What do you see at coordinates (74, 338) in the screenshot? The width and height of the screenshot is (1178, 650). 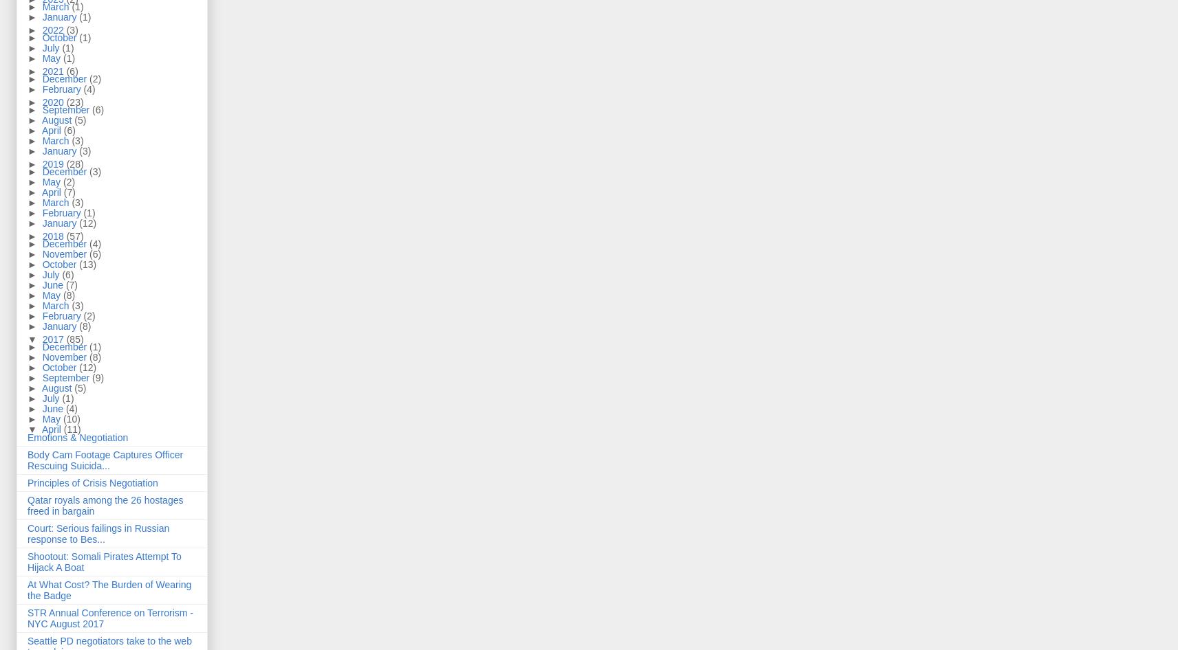 I see `'(85)'` at bounding box center [74, 338].